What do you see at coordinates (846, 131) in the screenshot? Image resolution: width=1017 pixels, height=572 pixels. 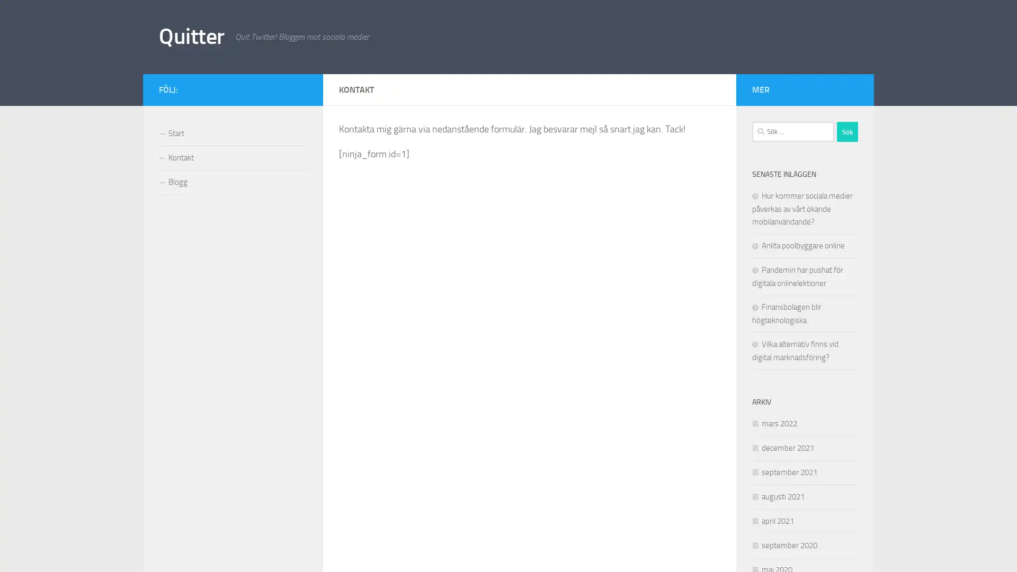 I see `Sok` at bounding box center [846, 131].